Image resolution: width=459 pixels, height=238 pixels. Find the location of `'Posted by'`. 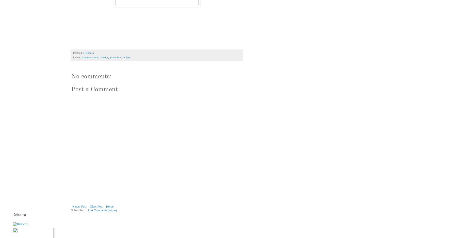

'Posted by' is located at coordinates (79, 53).